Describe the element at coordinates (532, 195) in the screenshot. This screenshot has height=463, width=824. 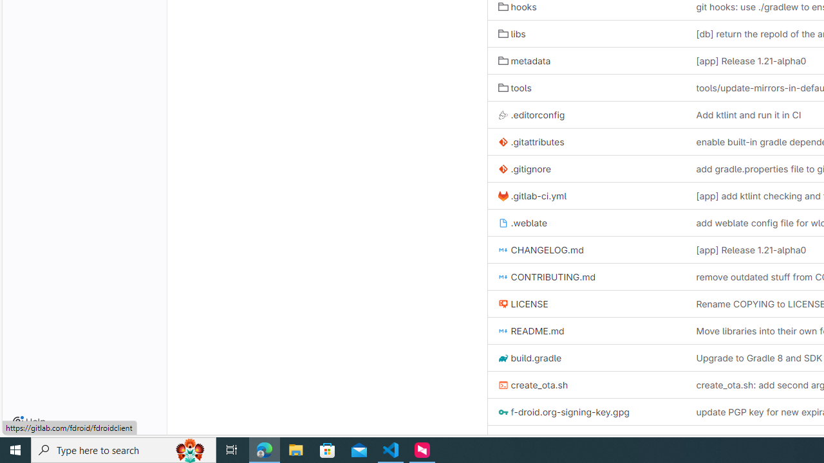
I see `'.gitlab-ci.yml'` at that location.